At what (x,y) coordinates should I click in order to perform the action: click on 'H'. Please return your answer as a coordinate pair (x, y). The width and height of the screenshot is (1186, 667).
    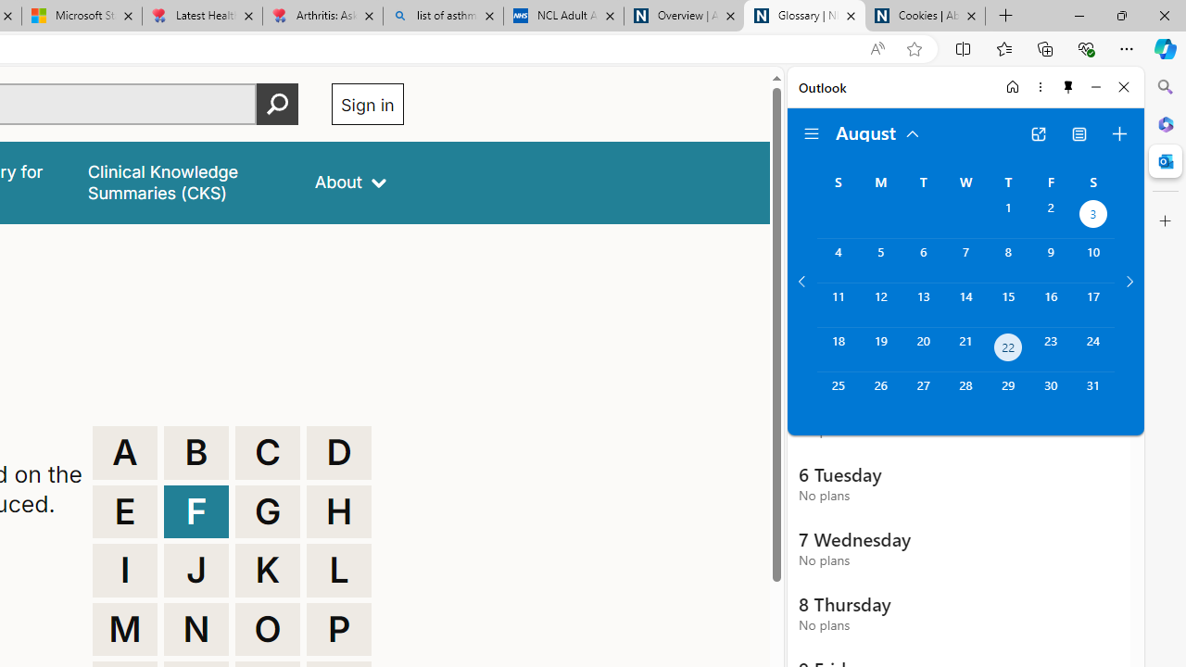
    Looking at the image, I should click on (339, 511).